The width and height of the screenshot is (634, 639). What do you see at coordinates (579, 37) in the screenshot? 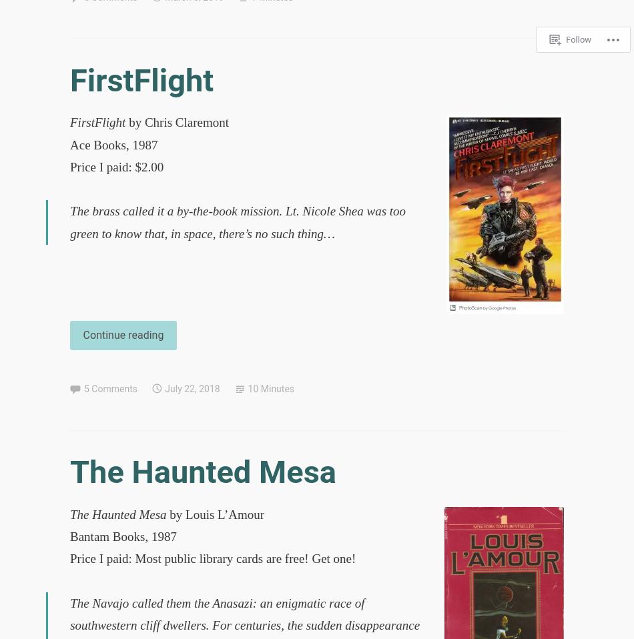
I see `'Follow'` at bounding box center [579, 37].